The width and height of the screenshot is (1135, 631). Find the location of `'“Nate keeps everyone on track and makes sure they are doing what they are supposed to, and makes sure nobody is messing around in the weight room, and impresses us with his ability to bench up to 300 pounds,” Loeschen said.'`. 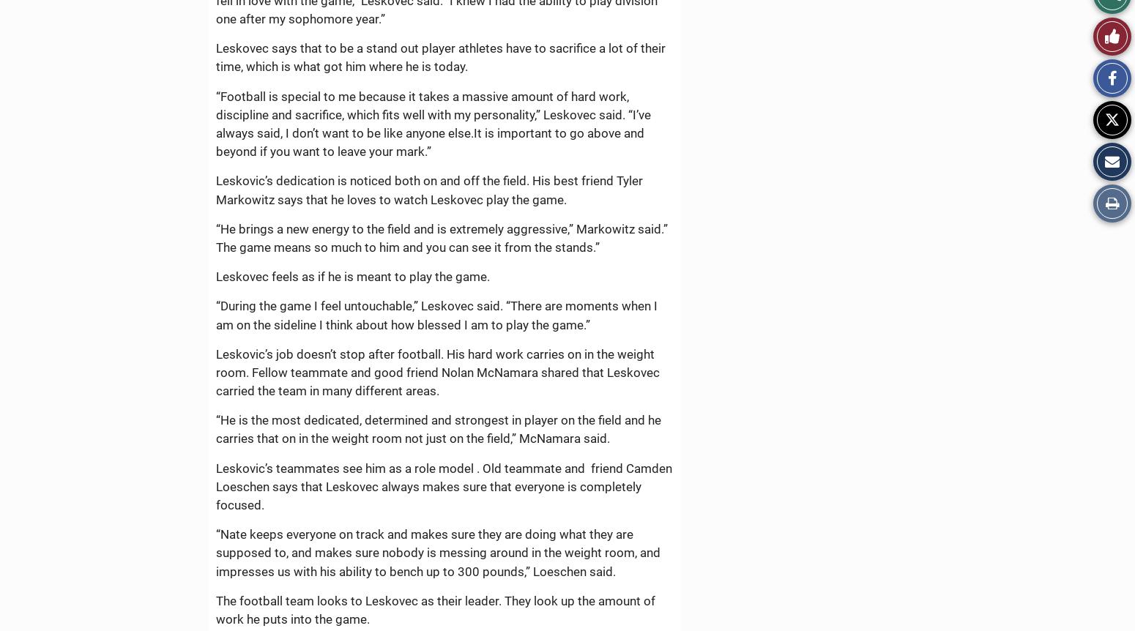

'“Nate keeps everyone on track and makes sure they are doing what they are supposed to, and makes sure nobody is messing around in the weight room, and impresses us with his ability to bench up to 300 pounds,” Loeschen said.' is located at coordinates (438, 553).